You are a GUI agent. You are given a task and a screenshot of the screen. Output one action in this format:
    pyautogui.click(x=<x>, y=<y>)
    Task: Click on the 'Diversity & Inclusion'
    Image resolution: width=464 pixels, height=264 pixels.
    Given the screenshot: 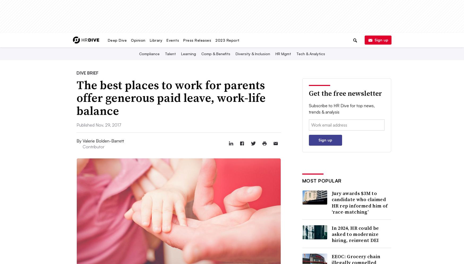 What is the action you would take?
    pyautogui.click(x=235, y=53)
    